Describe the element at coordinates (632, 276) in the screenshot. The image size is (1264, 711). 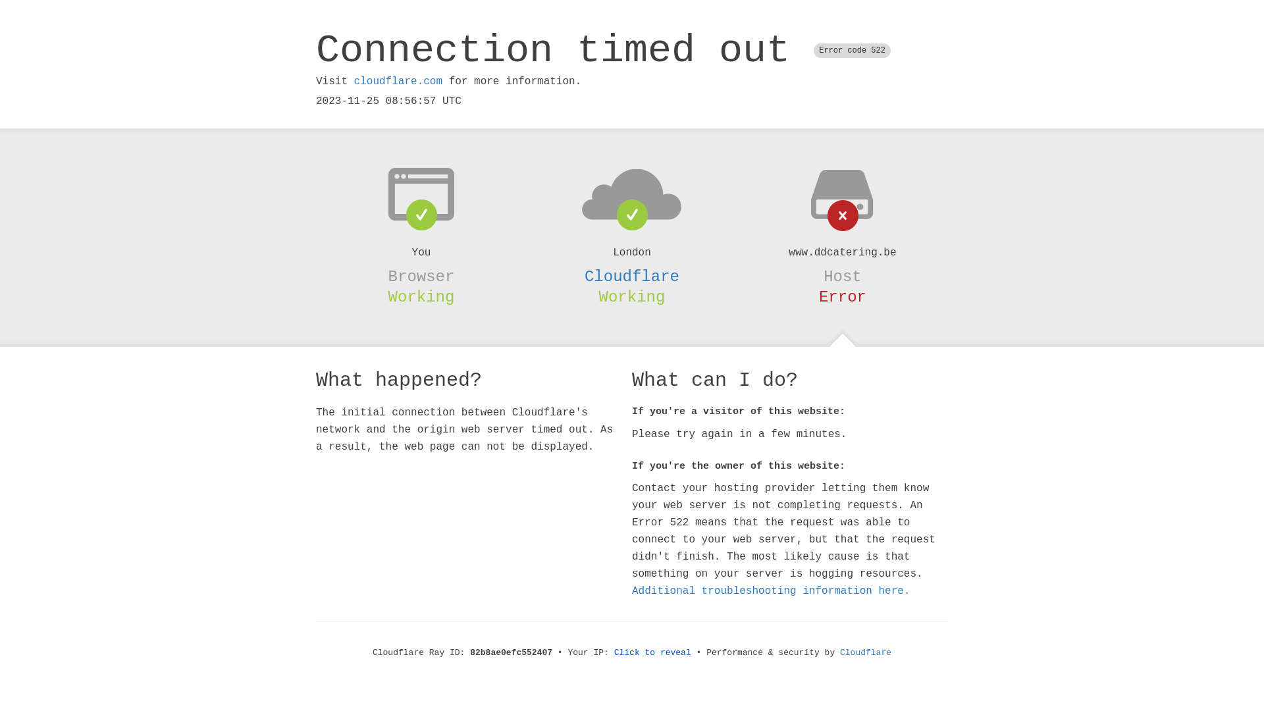
I see `'Cloudflare'` at that location.